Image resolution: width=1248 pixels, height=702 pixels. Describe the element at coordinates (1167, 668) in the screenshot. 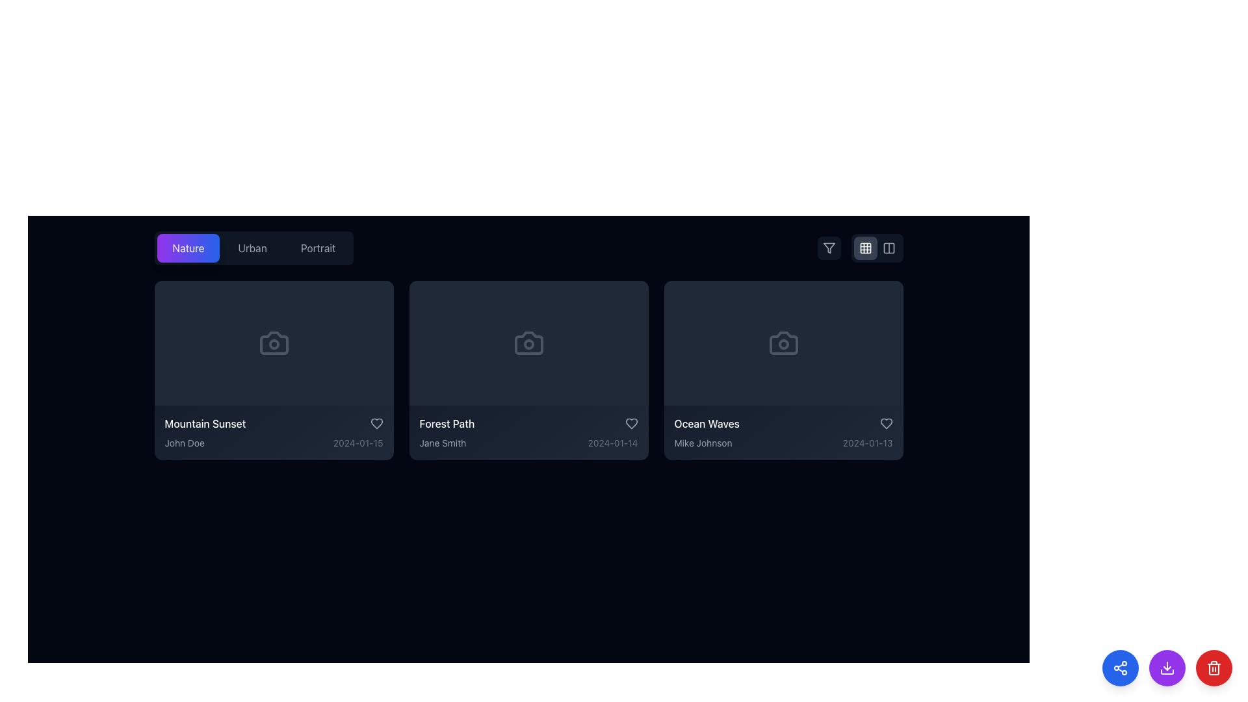

I see `the middle button with an SVG icon in the bottom right corner of the interface` at that location.